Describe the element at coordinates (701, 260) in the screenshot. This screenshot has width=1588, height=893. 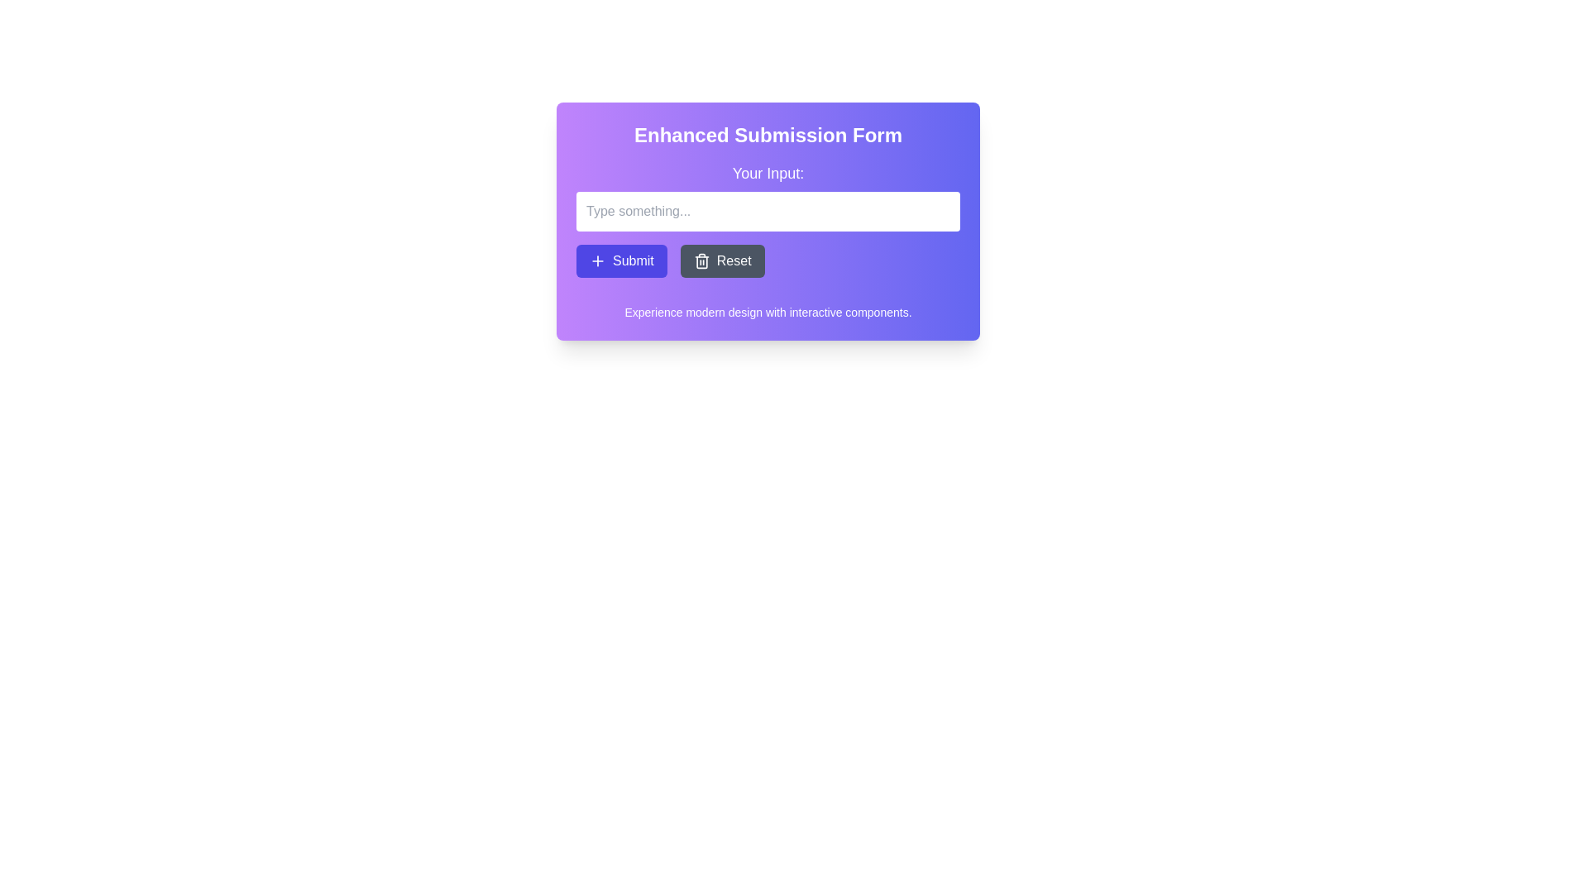
I see `the trash bin icon located to the left of the 'Reset' text to reset the form` at that location.